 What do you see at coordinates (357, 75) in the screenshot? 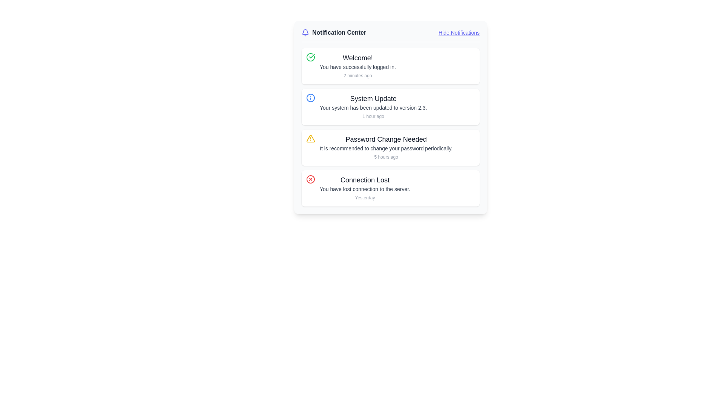
I see `displayed text from the Text Label indicating the time since the corresponding event occurred, which is located directly below the 'Welcome! You have successfully logged in.' text in the notification card` at bounding box center [357, 75].